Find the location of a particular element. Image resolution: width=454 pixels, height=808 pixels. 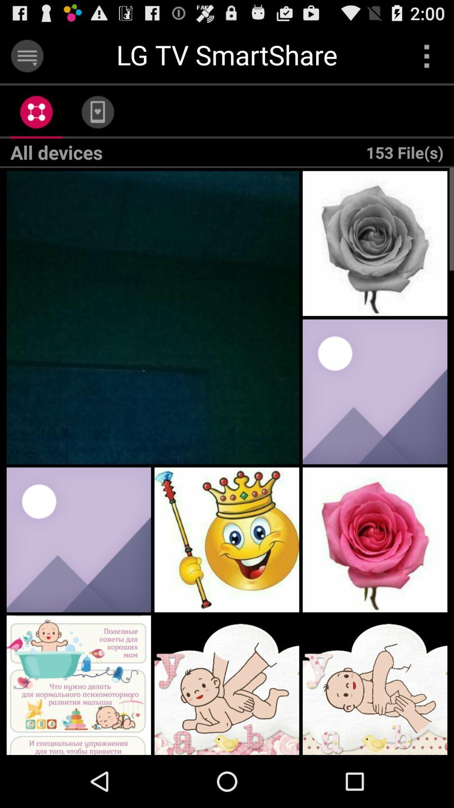

open menu is located at coordinates (427, 56).